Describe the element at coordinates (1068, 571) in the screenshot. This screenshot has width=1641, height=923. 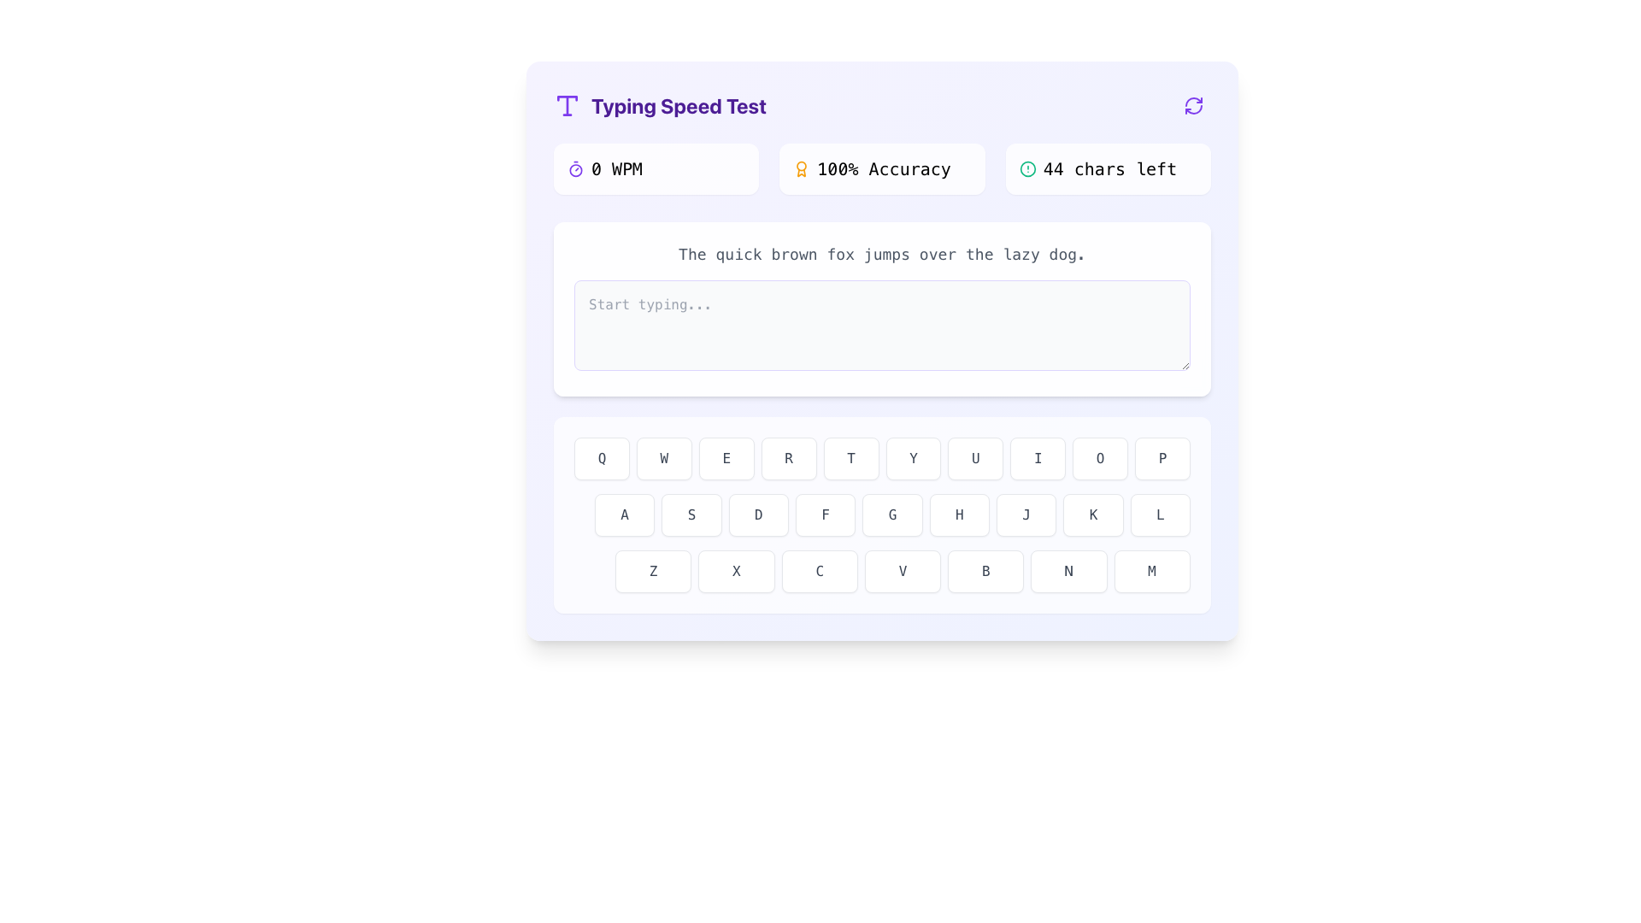
I see `the virtual key labeled 'N' on the digital keyboard to input the letter 'N'` at that location.